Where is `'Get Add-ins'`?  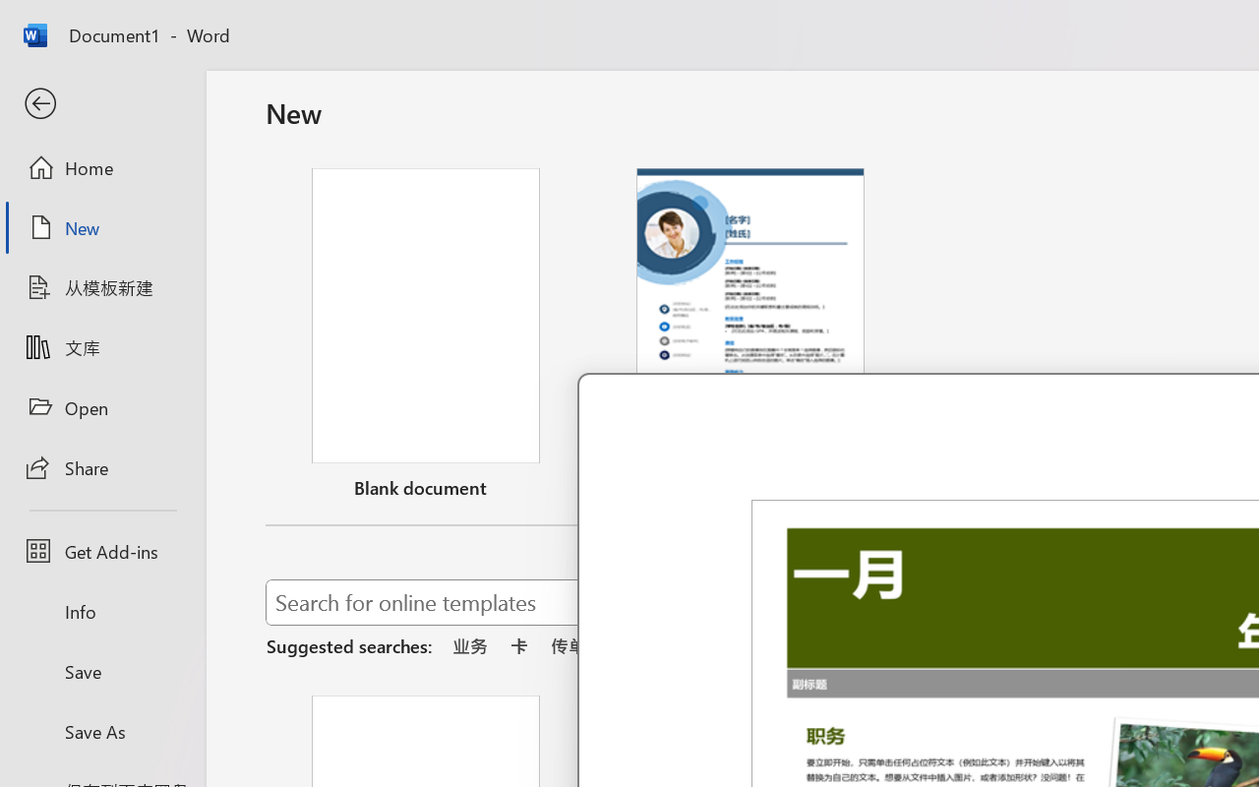
'Get Add-ins' is located at coordinates (101, 551).